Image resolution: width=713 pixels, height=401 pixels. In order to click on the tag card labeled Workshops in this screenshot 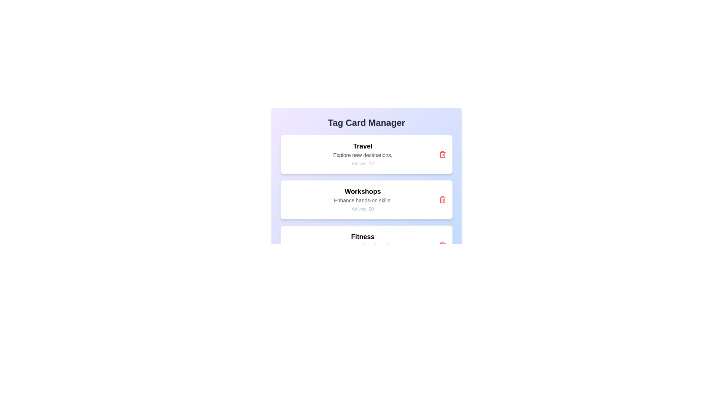, I will do `click(367, 199)`.